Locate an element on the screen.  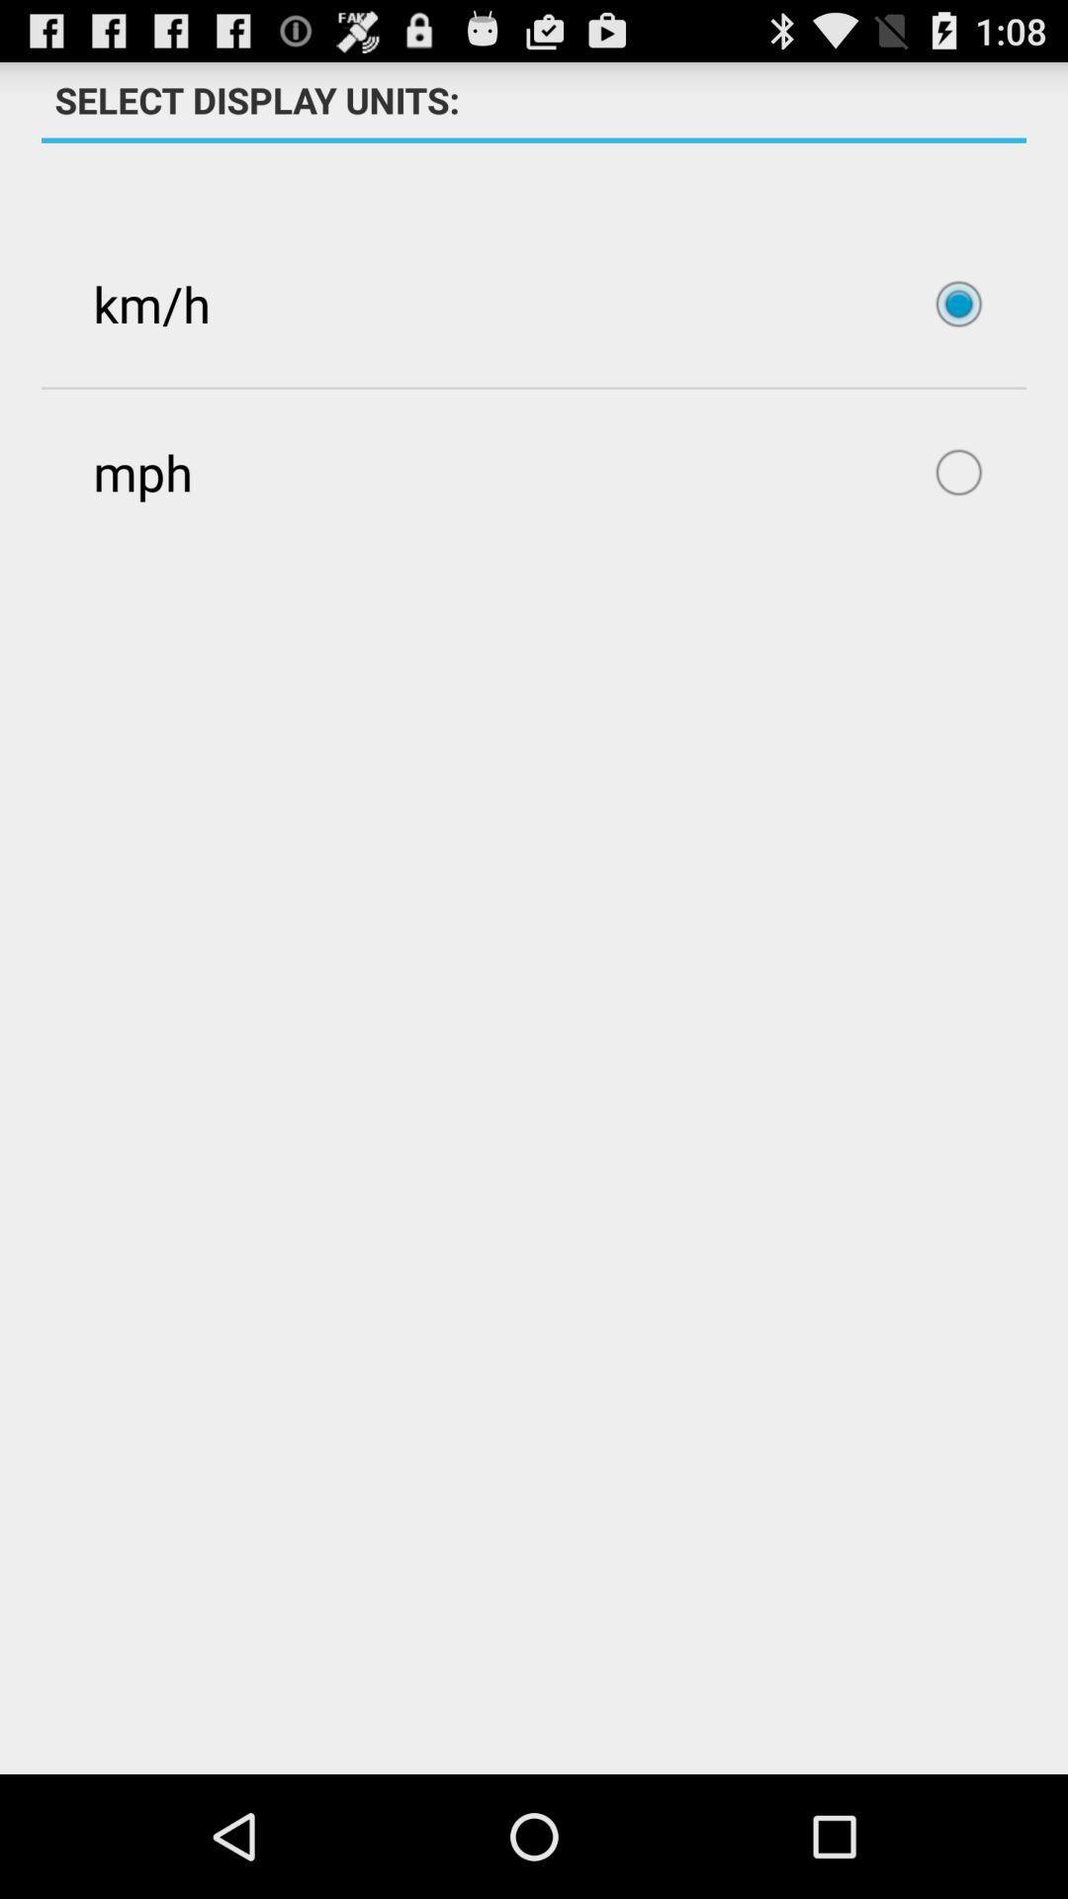
km/h is located at coordinates (534, 303).